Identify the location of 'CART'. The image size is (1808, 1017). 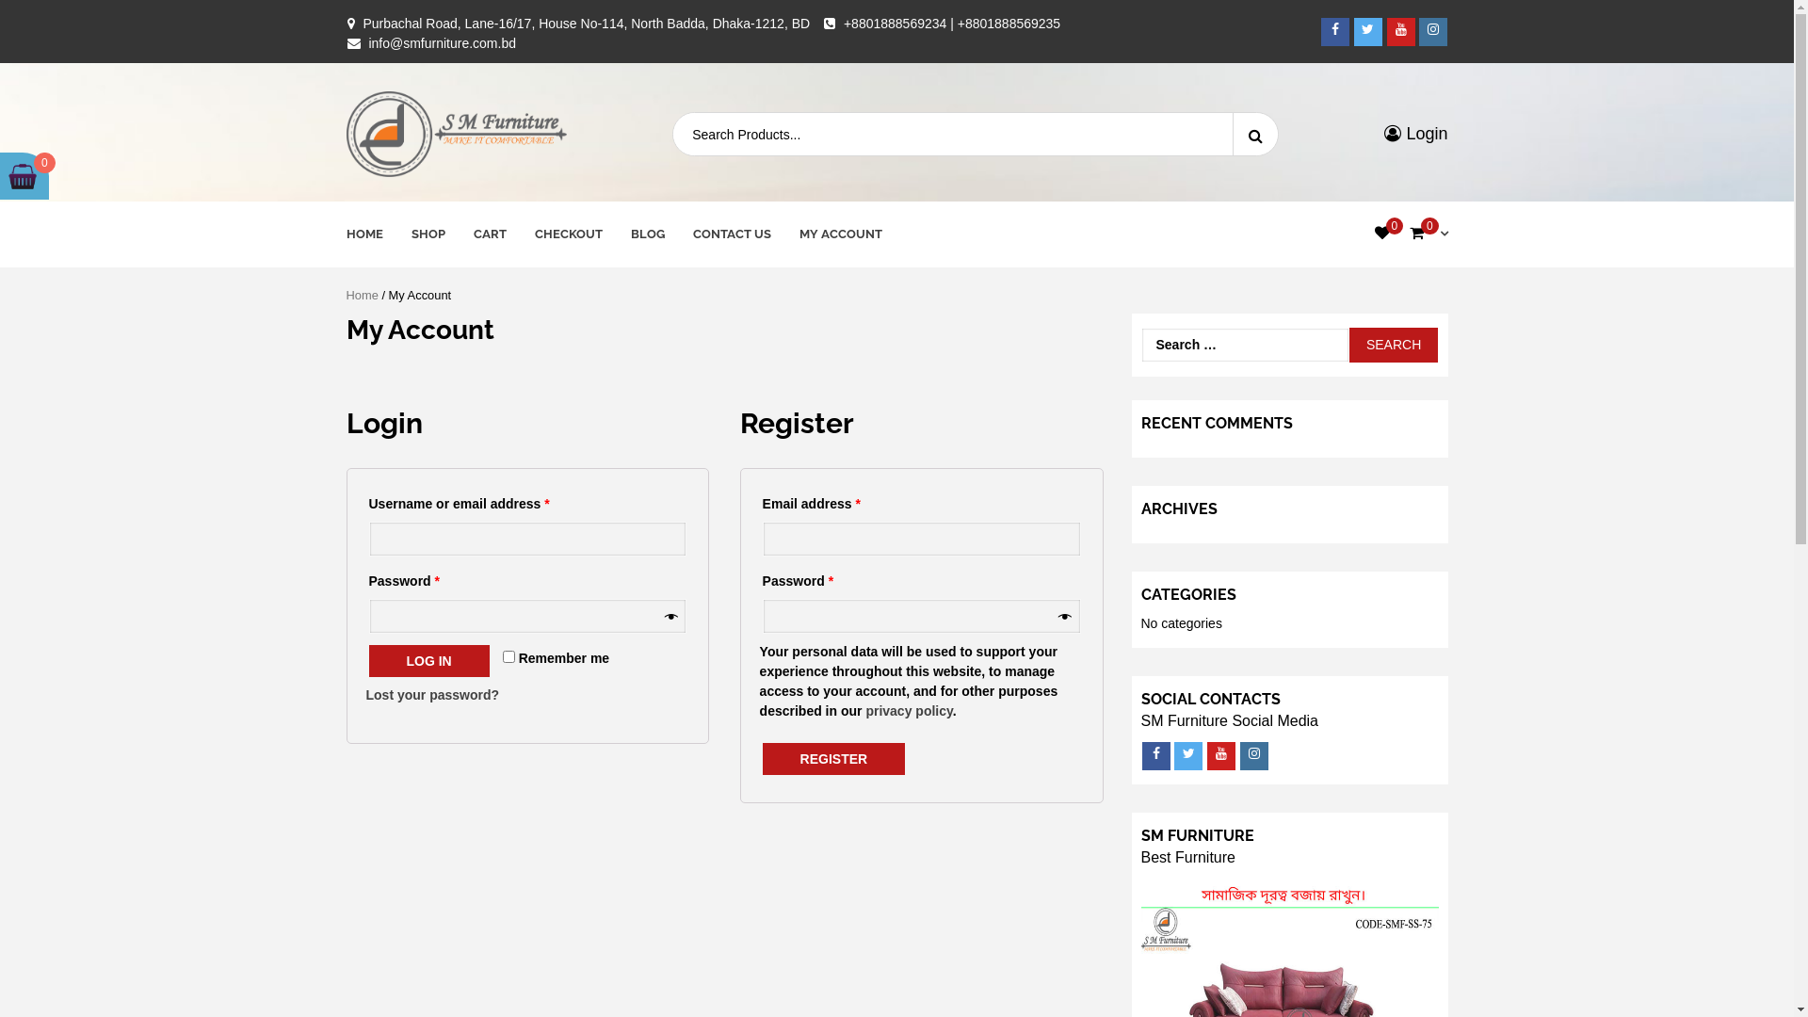
(473, 234).